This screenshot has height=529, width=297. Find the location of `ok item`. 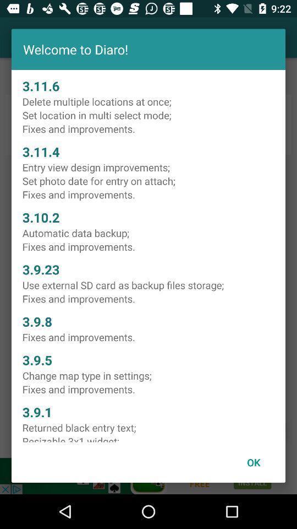

ok item is located at coordinates (254, 462).